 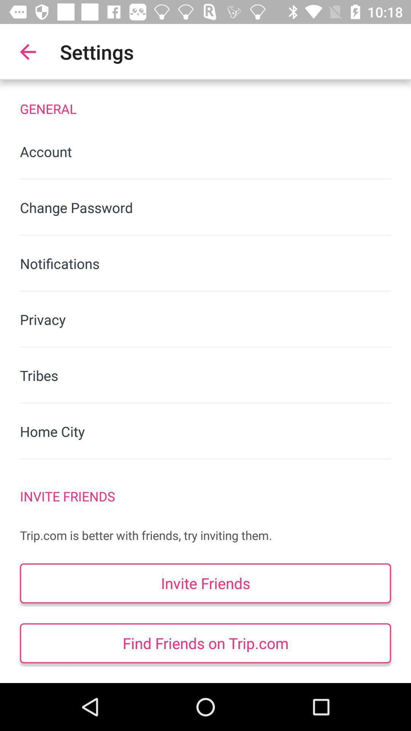 I want to click on the account icon, so click(x=205, y=152).